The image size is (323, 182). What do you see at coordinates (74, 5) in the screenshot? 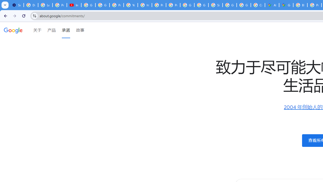
I see `'Introduction | Google Privacy Policy - YouTube'` at bounding box center [74, 5].